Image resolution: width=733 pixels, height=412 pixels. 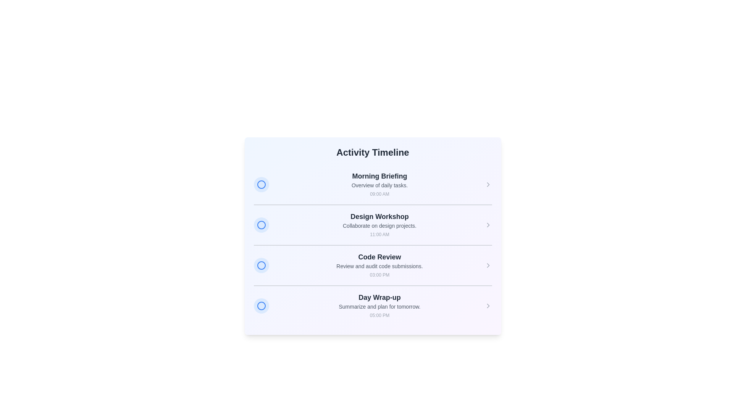 What do you see at coordinates (261, 184) in the screenshot?
I see `the small circular icon with a blue outline located to the left of 'Morning Briefing' under the header 'Activity Timeline'` at bounding box center [261, 184].